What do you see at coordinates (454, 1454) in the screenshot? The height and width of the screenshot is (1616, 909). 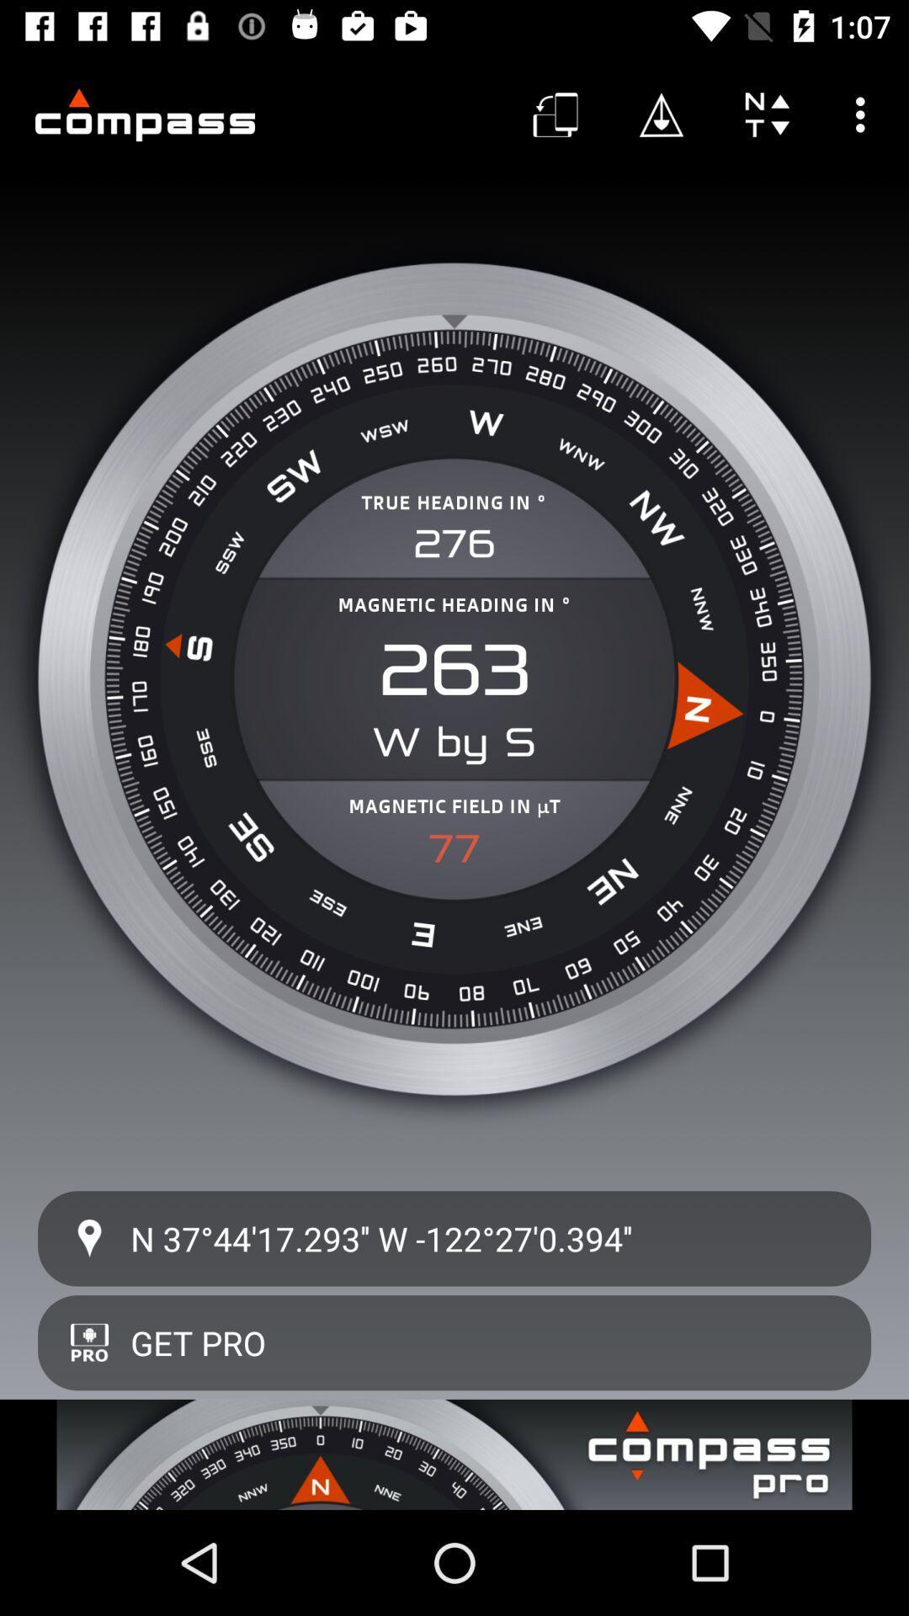 I see `advertisement that opens company 's website` at bounding box center [454, 1454].